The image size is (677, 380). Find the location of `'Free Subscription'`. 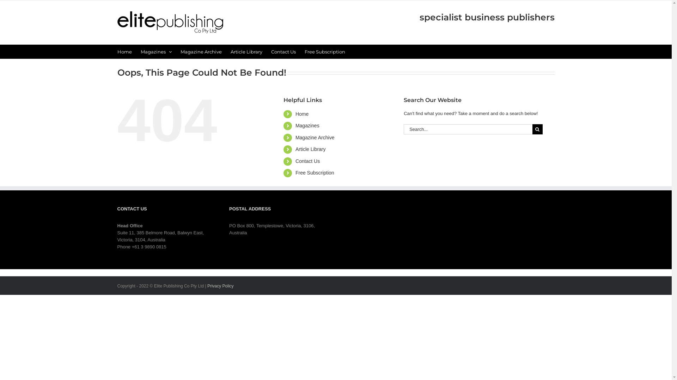

'Free Subscription' is located at coordinates (305, 51).